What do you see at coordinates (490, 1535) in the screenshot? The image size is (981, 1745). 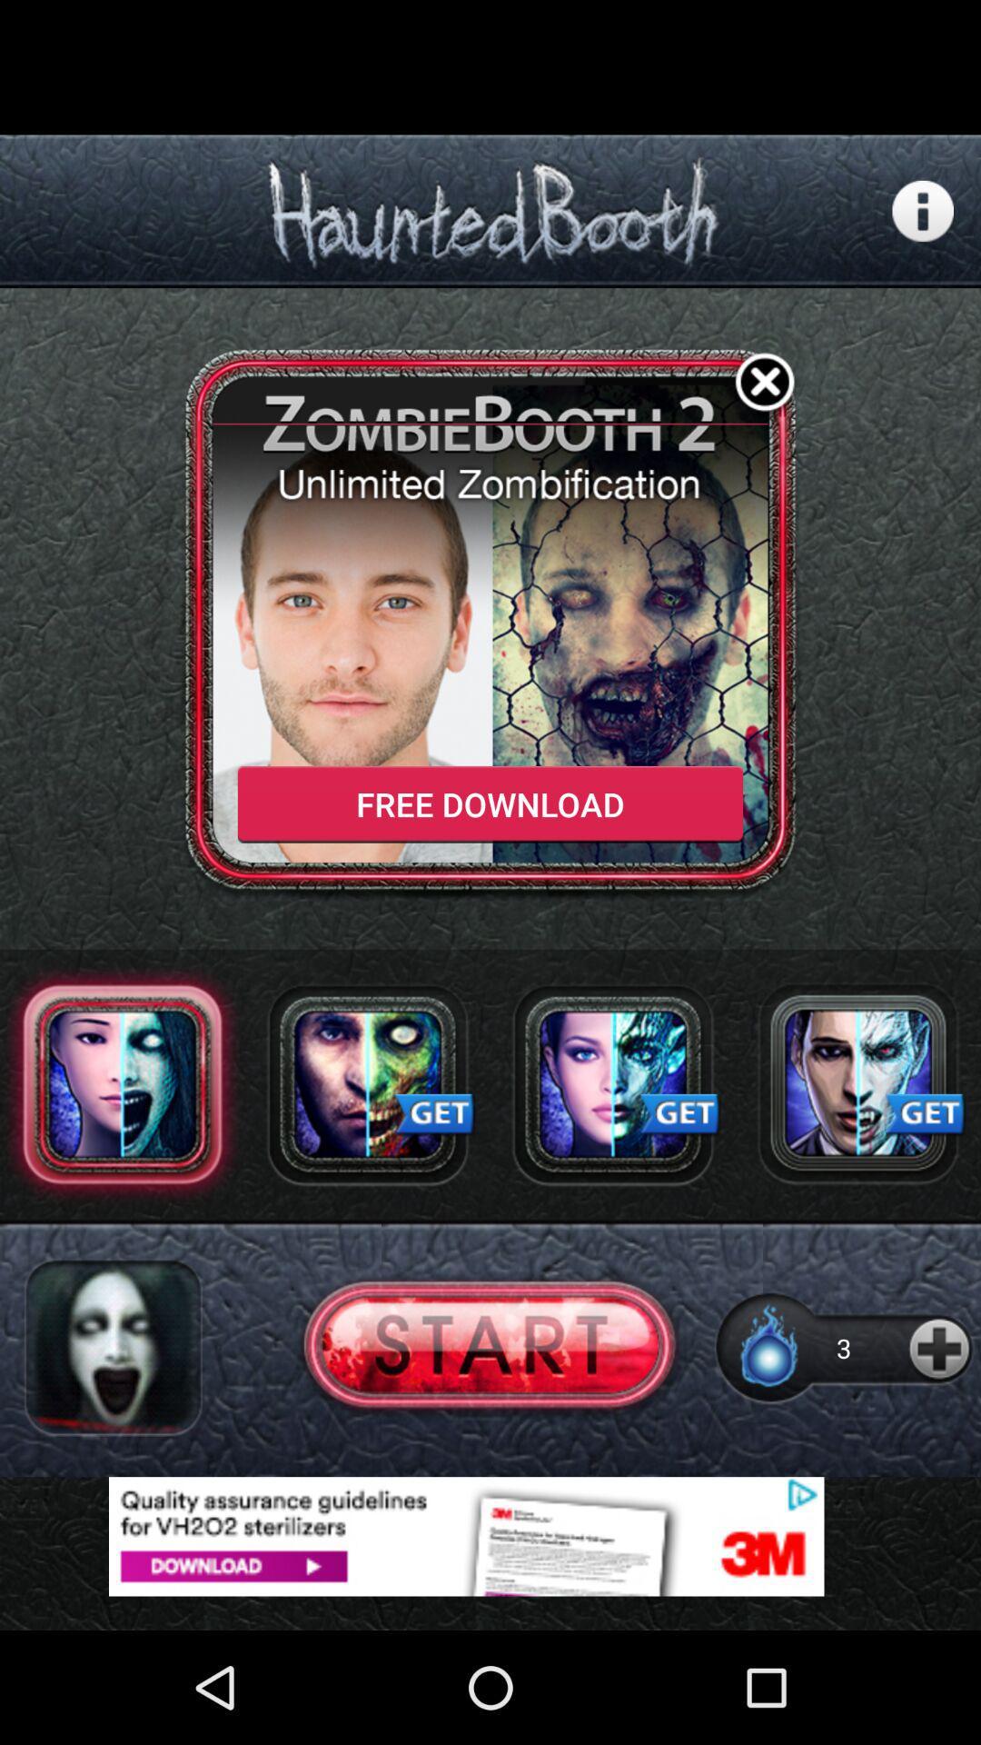 I see `advertisement bar` at bounding box center [490, 1535].